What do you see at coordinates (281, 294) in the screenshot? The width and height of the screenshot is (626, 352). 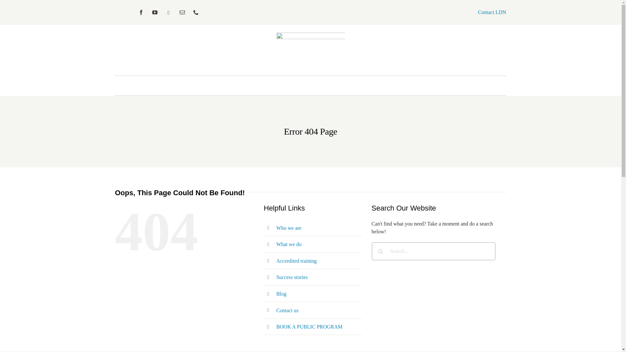 I see `'Blog'` at bounding box center [281, 294].